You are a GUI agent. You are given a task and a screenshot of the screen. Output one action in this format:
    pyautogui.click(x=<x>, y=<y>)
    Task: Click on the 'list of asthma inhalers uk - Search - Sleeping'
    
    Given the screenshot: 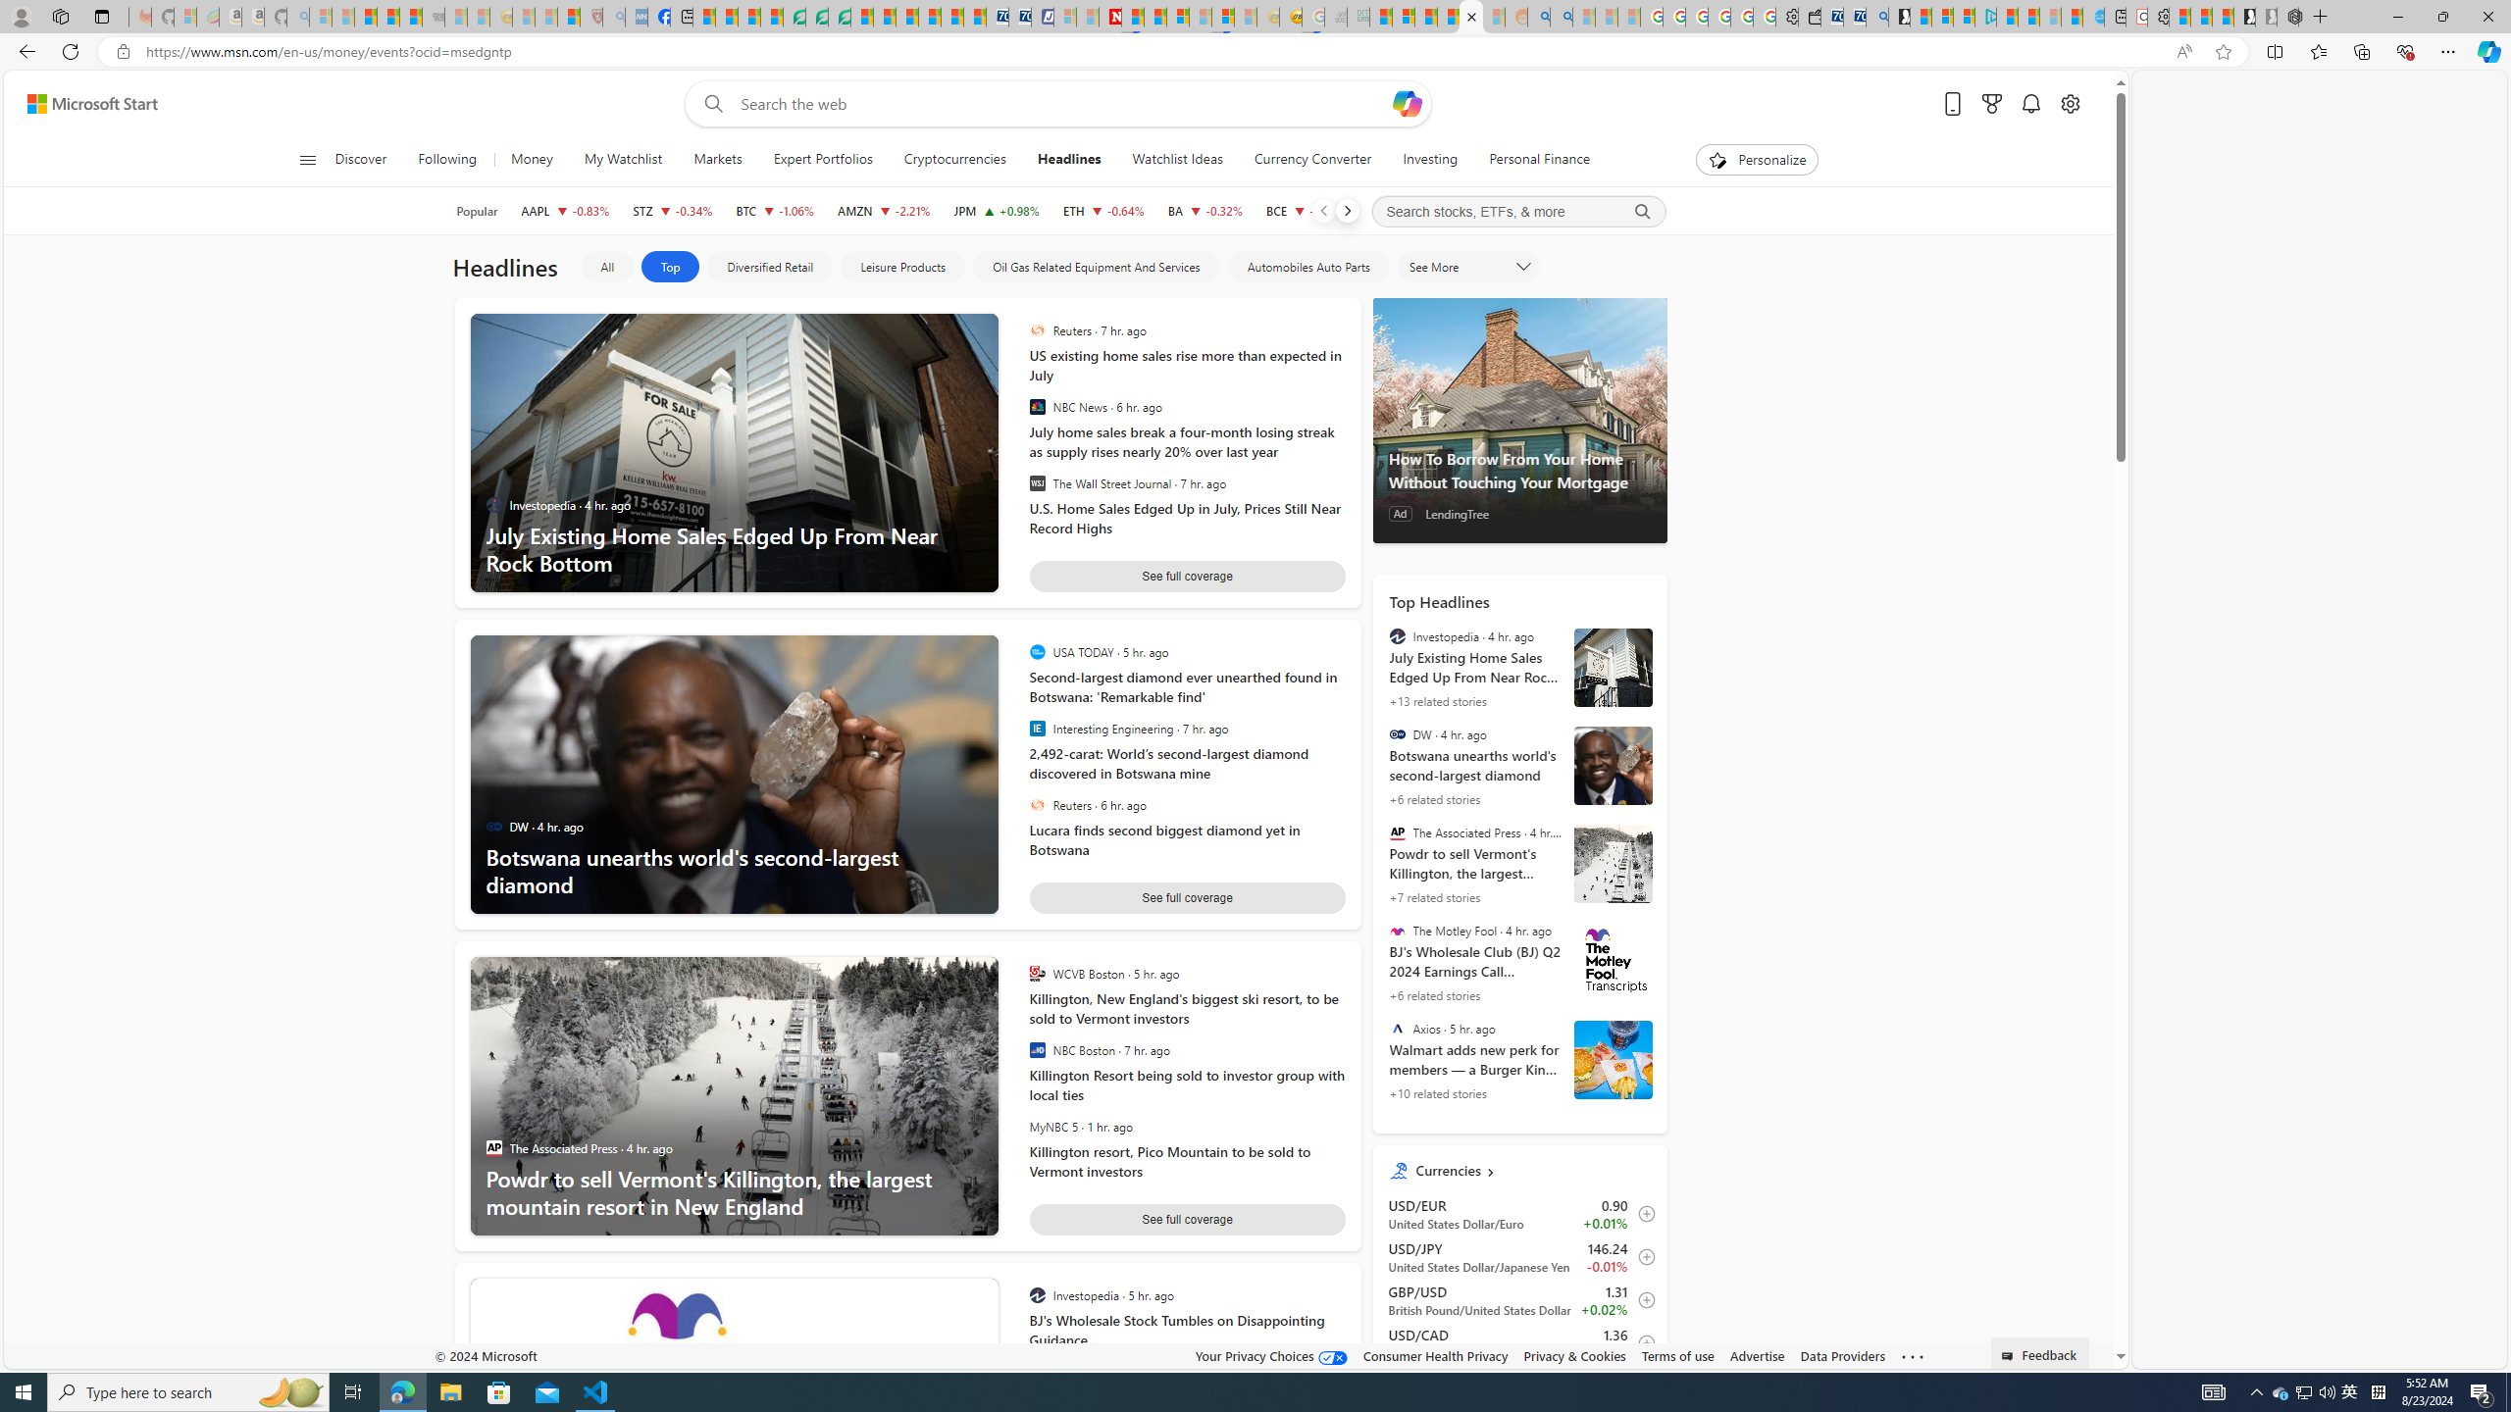 What is the action you would take?
    pyautogui.click(x=612, y=16)
    